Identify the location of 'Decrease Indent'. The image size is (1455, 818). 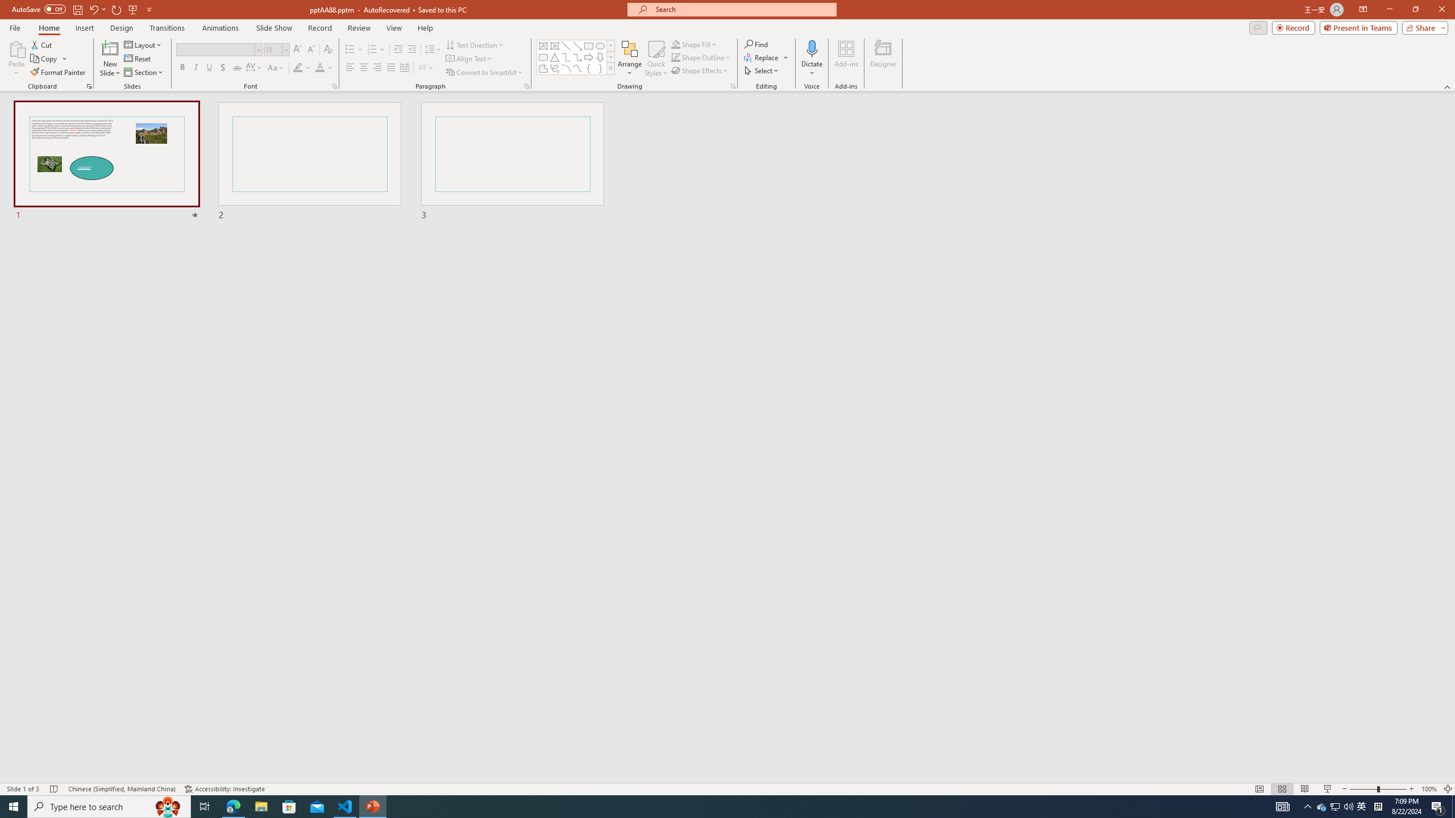
(398, 49).